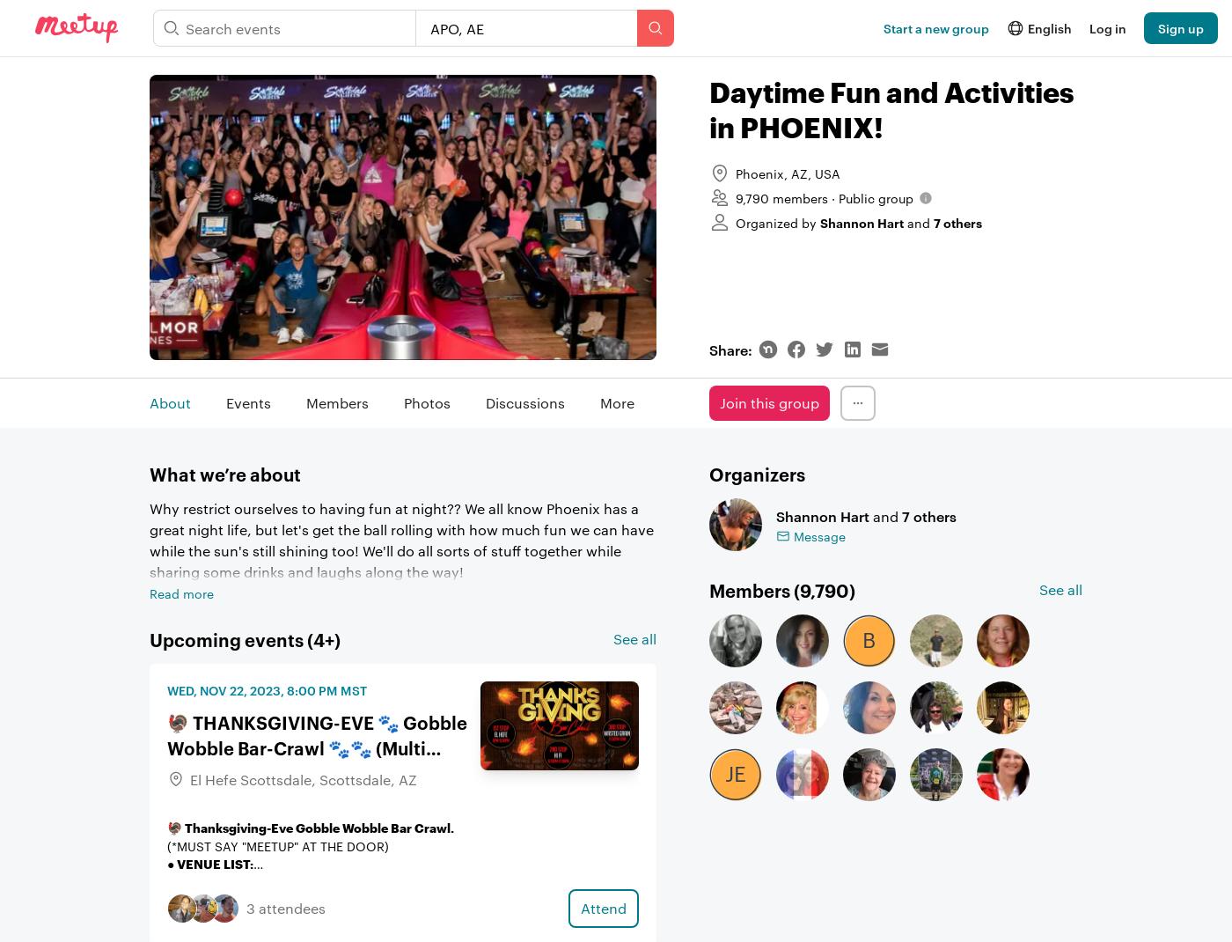  I want to click on 'Upcoming events (4+)', so click(245, 637).